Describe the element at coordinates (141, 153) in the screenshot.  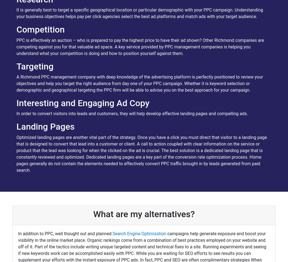
I see `'Optimized landing pages are another vital part of the strategy. Once you have a click you must direct that visitor to a landing page that is designed to convert that lead into a customer or client.
A call to action coupled with clear information on the service or product that the lead was looking for when the clicked on the ad is crucial.
The best solution is a dedicated landing page that is constantly reviewed and optimized.
Dedicated landing pages are a key part of the conversion rate optimization process. Home pages generally do not contain the elements needed to effectively convert PPC traffic brought in by leads generated from paid search.'` at that location.